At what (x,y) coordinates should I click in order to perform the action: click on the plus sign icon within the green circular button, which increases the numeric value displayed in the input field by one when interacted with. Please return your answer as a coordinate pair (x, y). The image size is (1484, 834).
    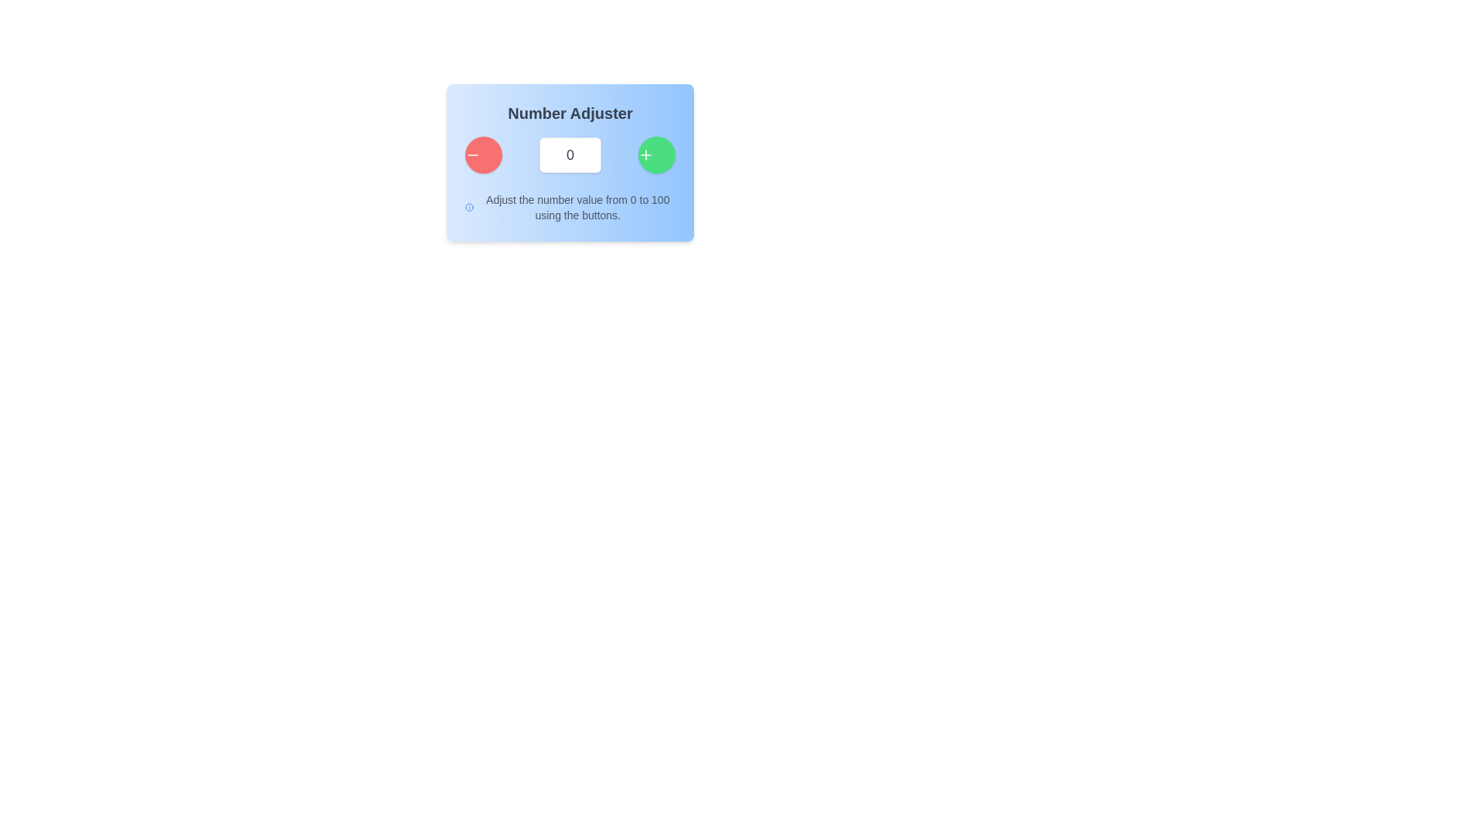
    Looking at the image, I should click on (645, 154).